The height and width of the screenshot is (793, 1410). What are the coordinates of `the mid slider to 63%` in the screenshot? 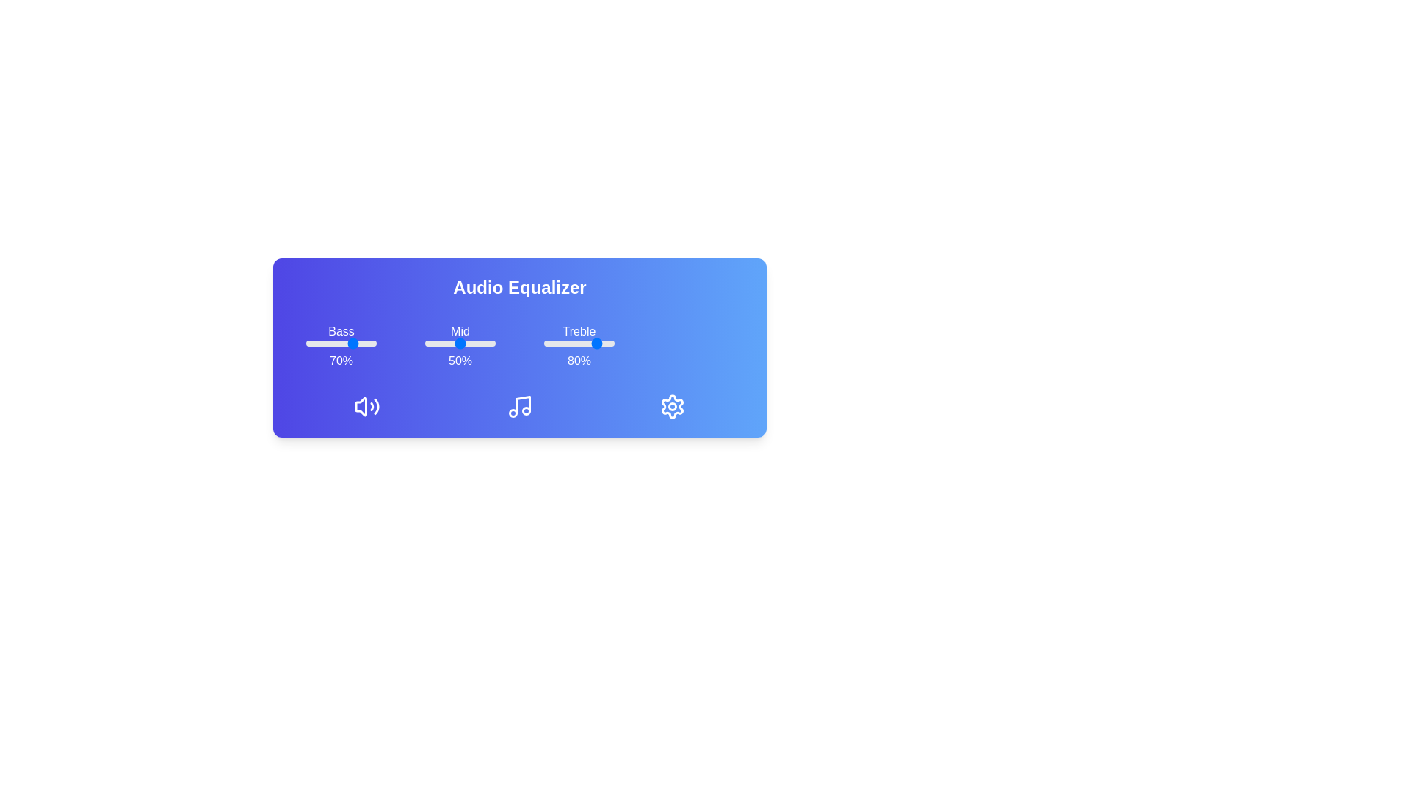 It's located at (469, 343).